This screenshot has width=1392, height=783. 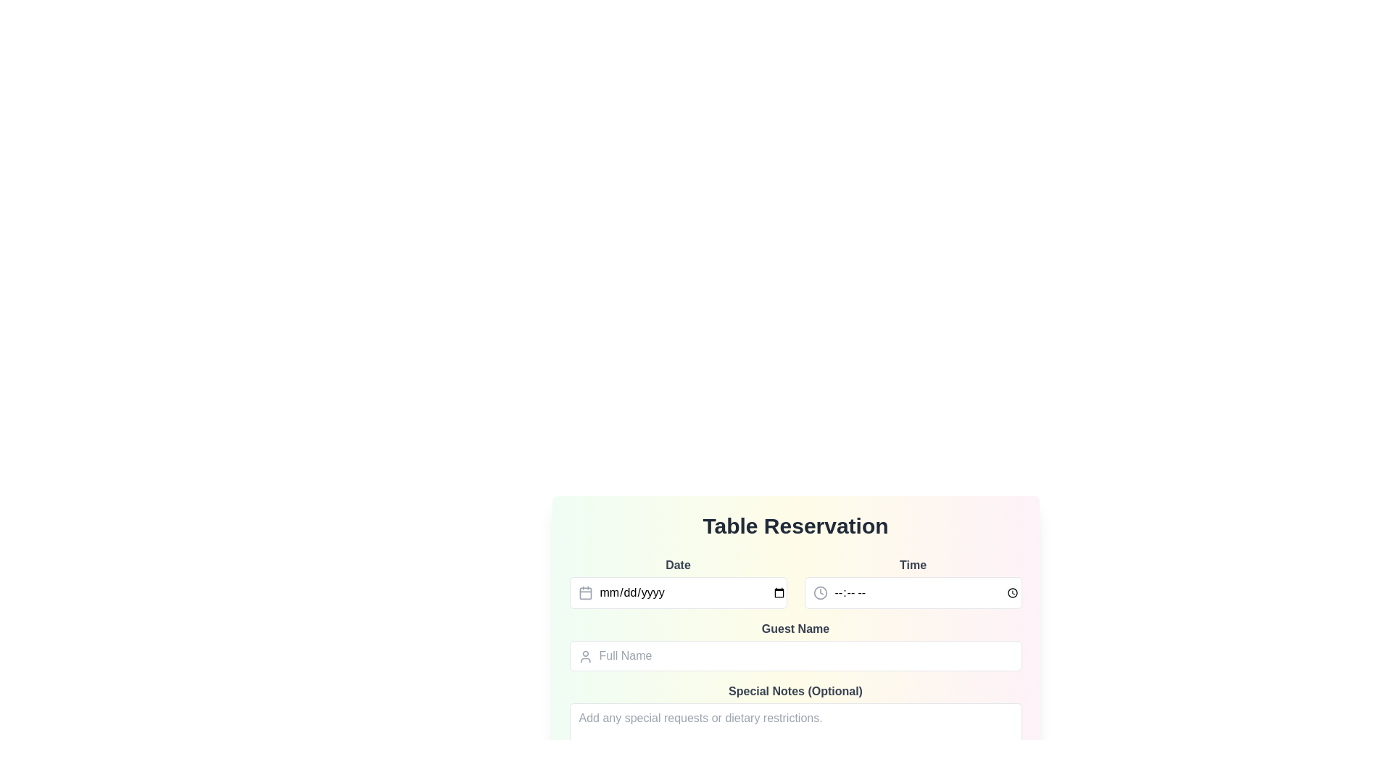 I want to click on the text input field for optional information such as special requests or dietary restrictions, which is located below the 'Guest Name' section and above the 'Reserve Now' button, so click(x=795, y=719).